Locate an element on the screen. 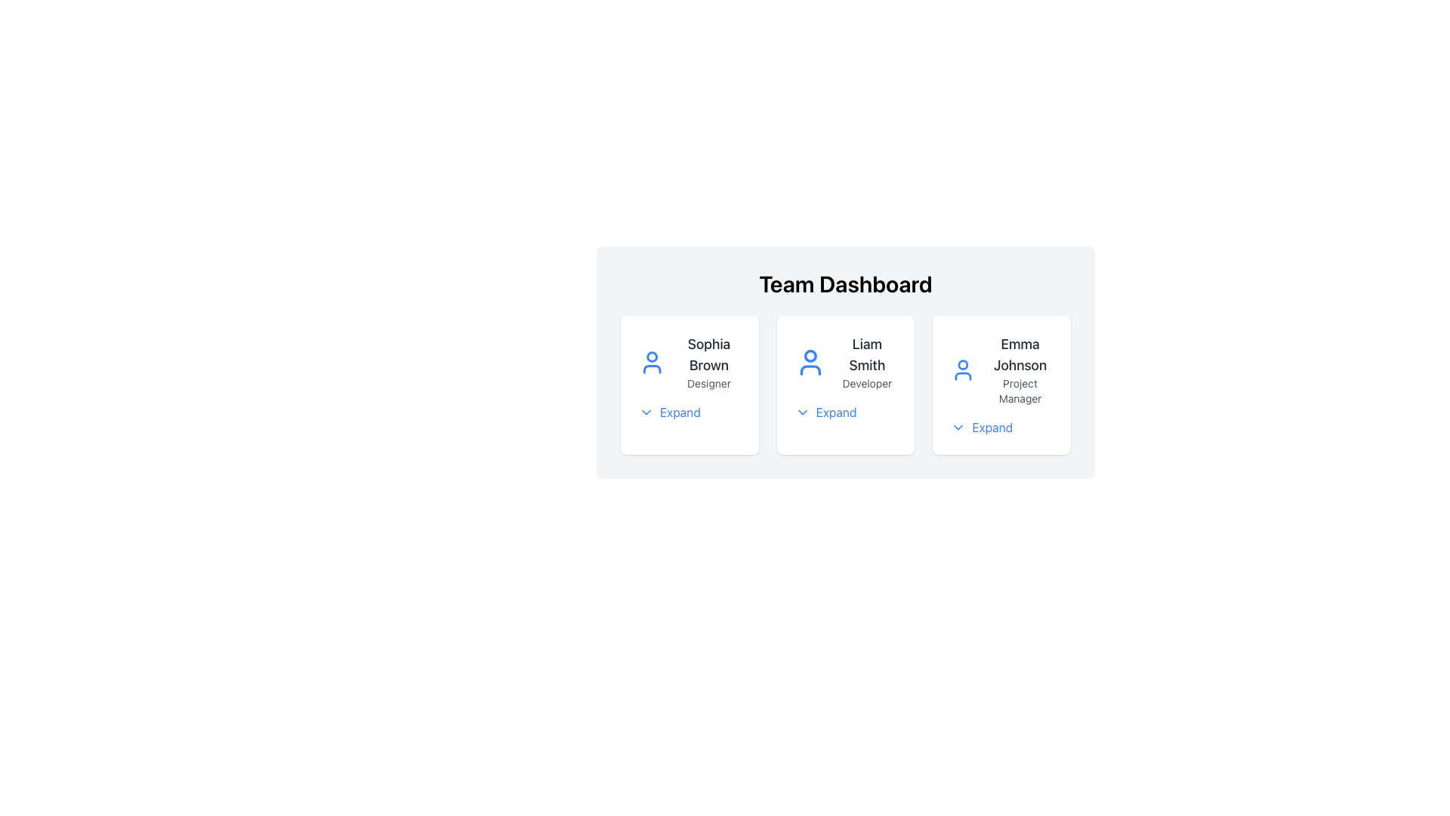  the graphic component representing the shoulders and neckline of the user profile icon located above the 'Emma Johnson' text box in the 'Team Dashboard' interface is located at coordinates (962, 376).